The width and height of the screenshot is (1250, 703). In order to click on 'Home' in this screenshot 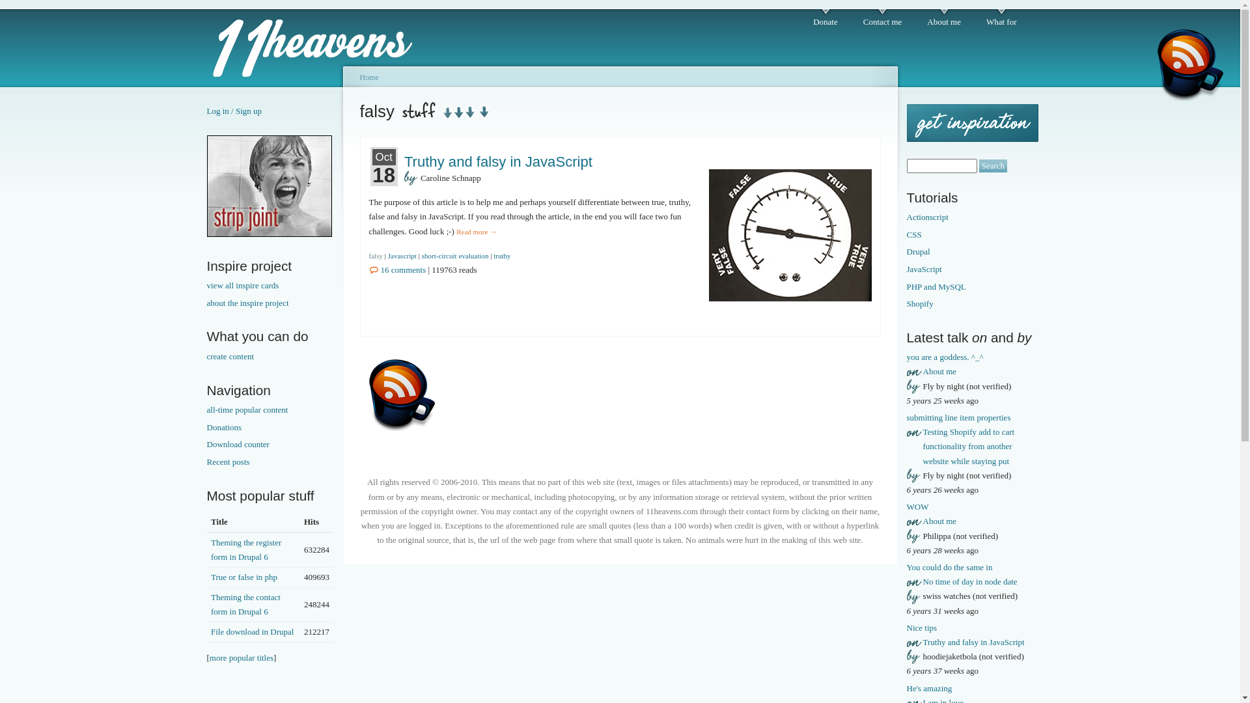, I will do `click(368, 77)`.